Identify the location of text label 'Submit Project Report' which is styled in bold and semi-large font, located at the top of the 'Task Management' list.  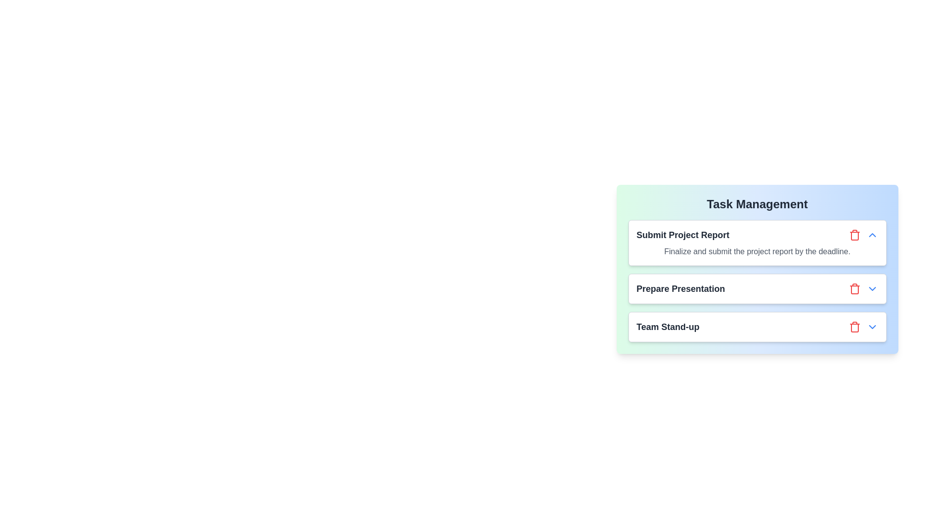
(682, 235).